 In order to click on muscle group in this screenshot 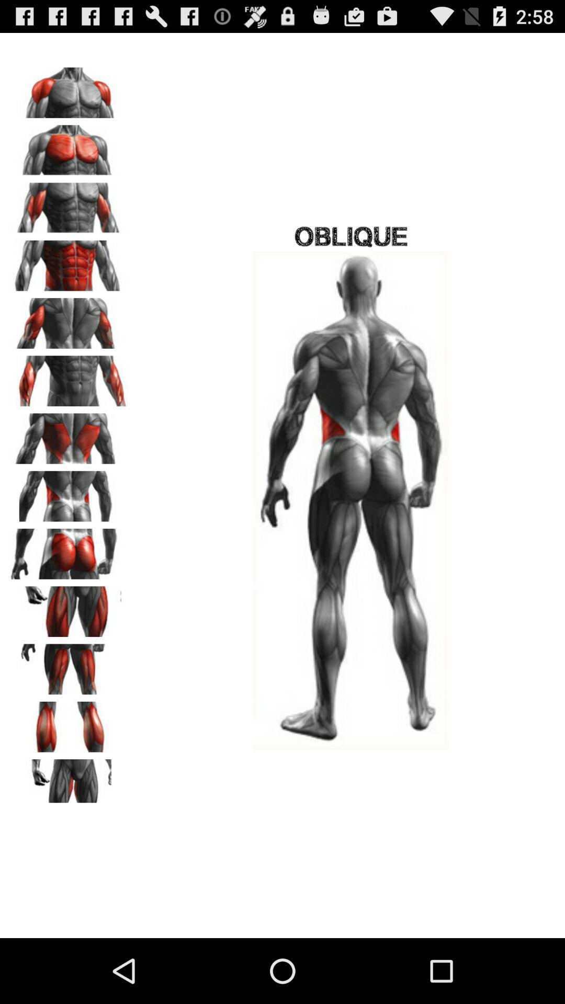, I will do `click(69, 608)`.